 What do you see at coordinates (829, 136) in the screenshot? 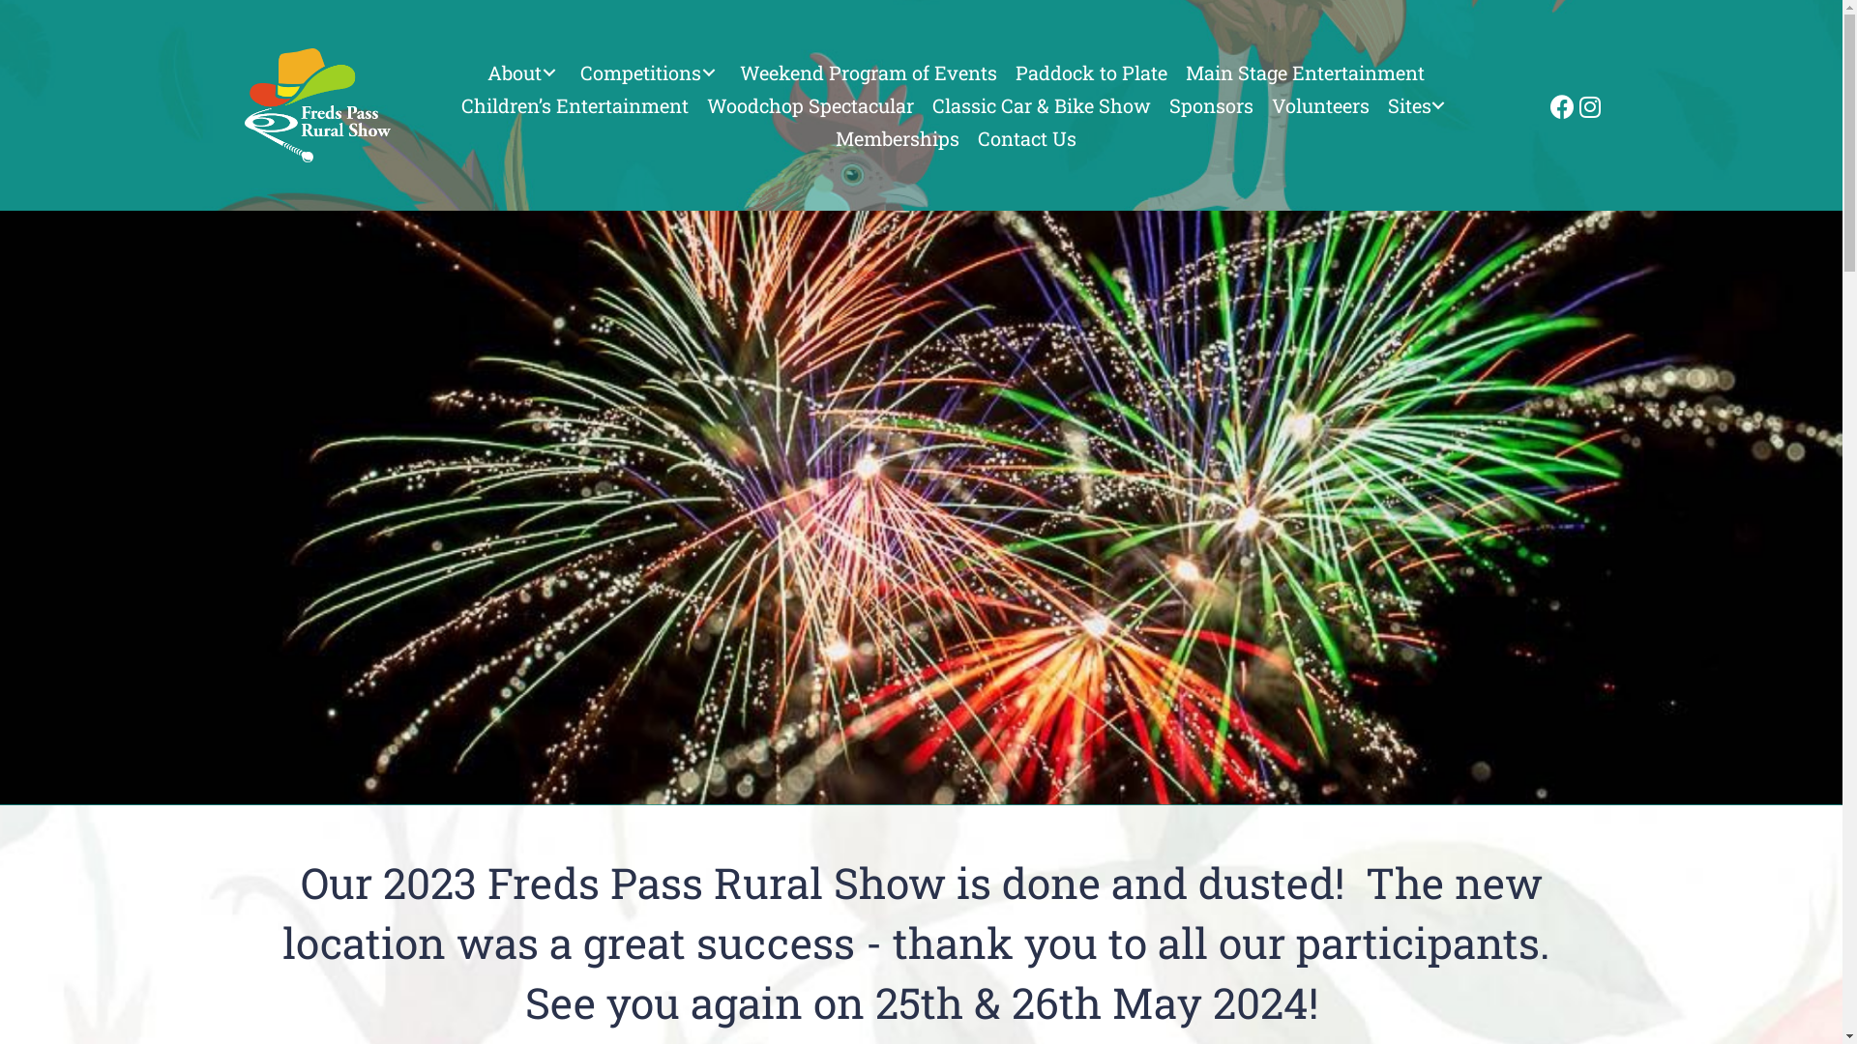
I see `'Memberships'` at bounding box center [829, 136].